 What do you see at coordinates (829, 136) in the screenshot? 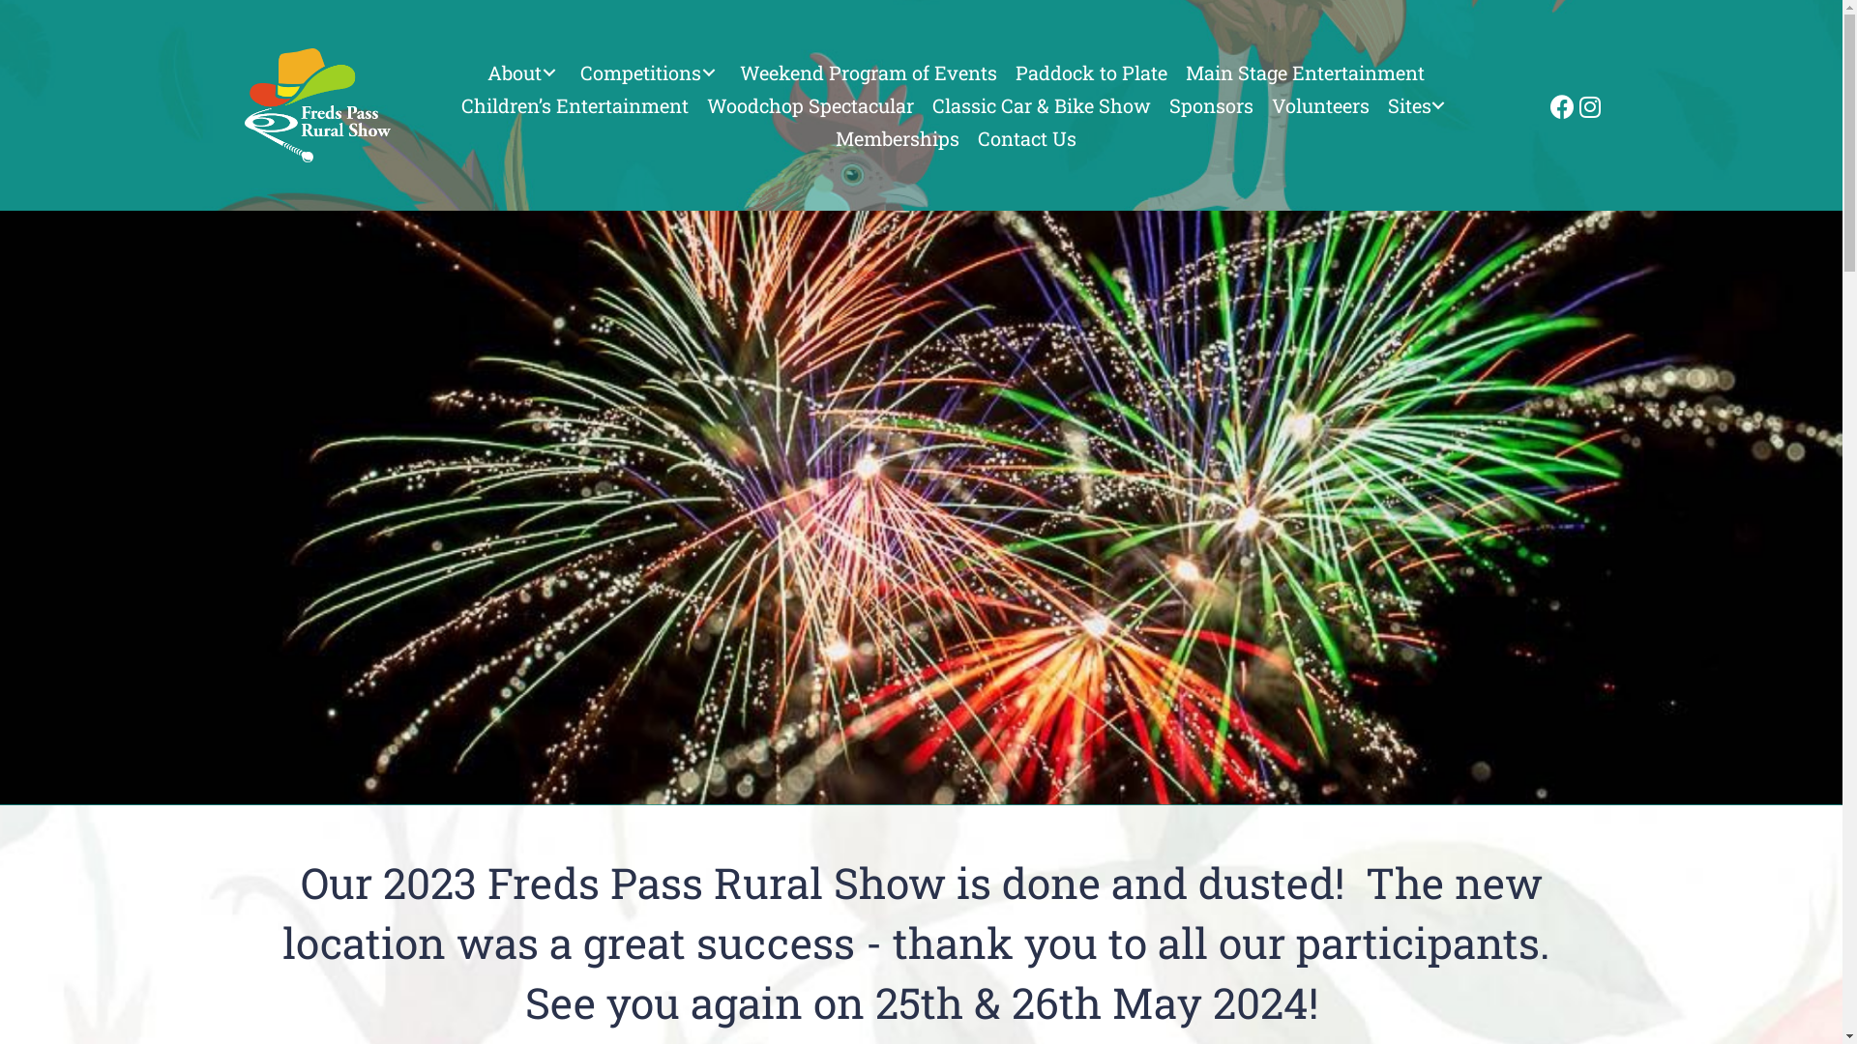
I see `'Memberships'` at bounding box center [829, 136].